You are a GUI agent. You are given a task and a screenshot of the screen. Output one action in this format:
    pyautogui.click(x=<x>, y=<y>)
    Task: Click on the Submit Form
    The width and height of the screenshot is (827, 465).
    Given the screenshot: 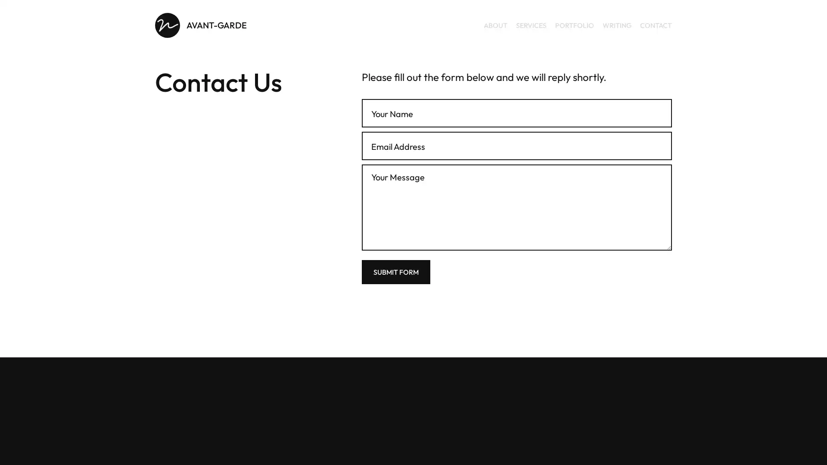 What is the action you would take?
    pyautogui.click(x=395, y=272)
    